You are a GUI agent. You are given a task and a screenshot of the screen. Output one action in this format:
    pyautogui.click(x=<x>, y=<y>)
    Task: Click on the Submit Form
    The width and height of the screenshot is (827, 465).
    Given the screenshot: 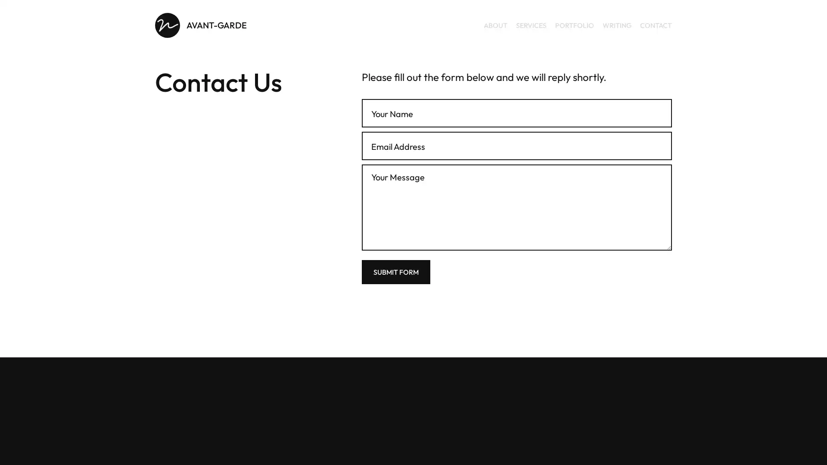 What is the action you would take?
    pyautogui.click(x=395, y=272)
    